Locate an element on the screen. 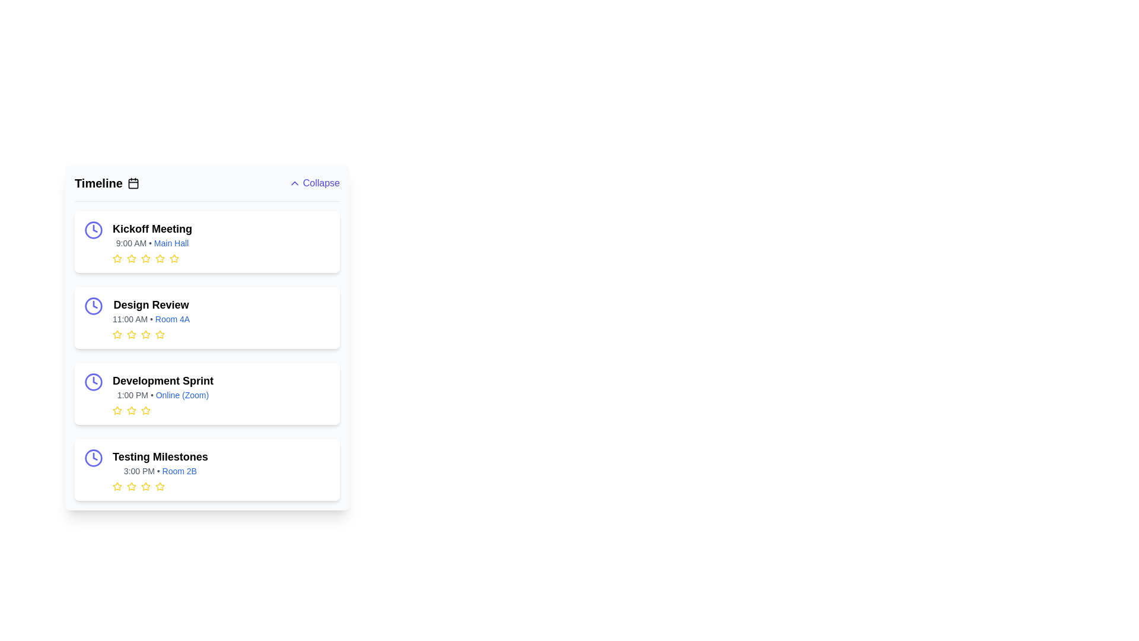  the fourth star-shaped rating icon with a yellowish-orange outline in the 'Testing Milestones' section is located at coordinates (145, 487).